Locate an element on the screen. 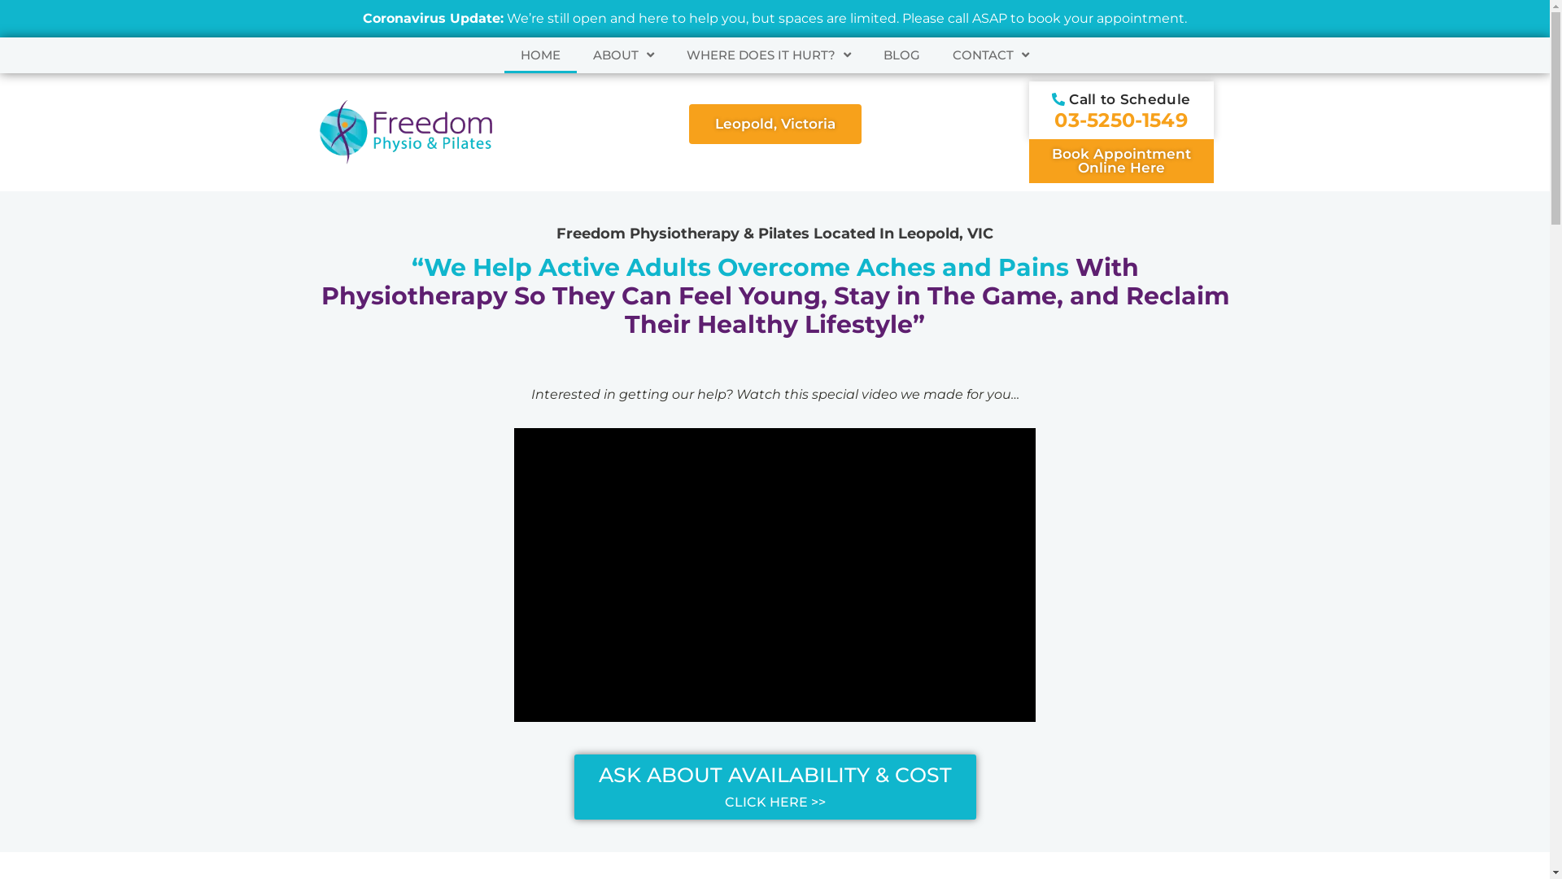 The height and width of the screenshot is (879, 1562). 'Leopold, Victoria' is located at coordinates (773, 123).